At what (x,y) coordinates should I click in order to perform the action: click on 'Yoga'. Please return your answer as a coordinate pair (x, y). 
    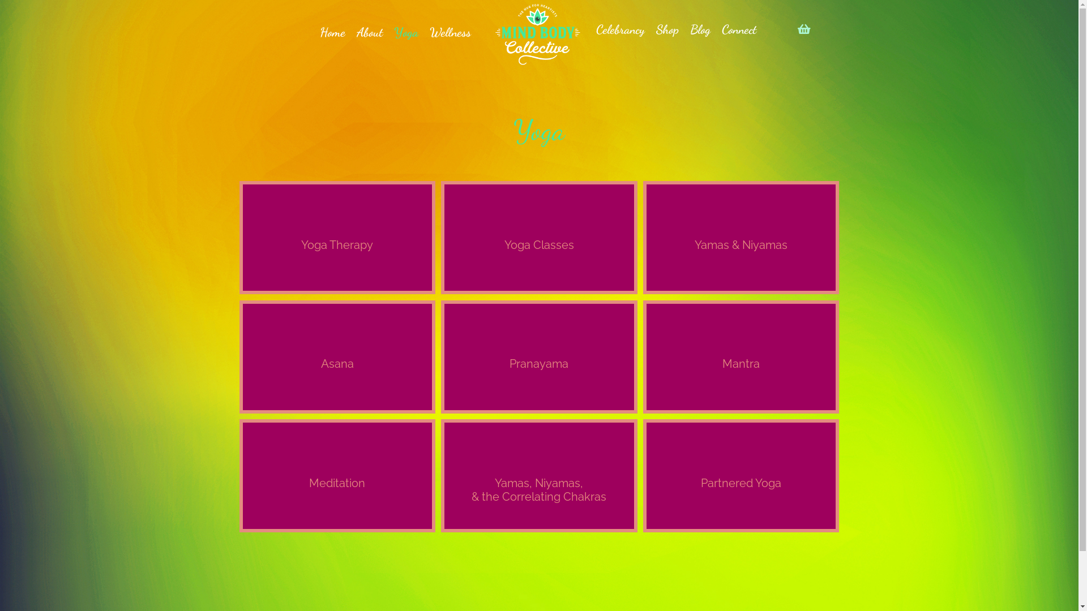
    Looking at the image, I should click on (406, 32).